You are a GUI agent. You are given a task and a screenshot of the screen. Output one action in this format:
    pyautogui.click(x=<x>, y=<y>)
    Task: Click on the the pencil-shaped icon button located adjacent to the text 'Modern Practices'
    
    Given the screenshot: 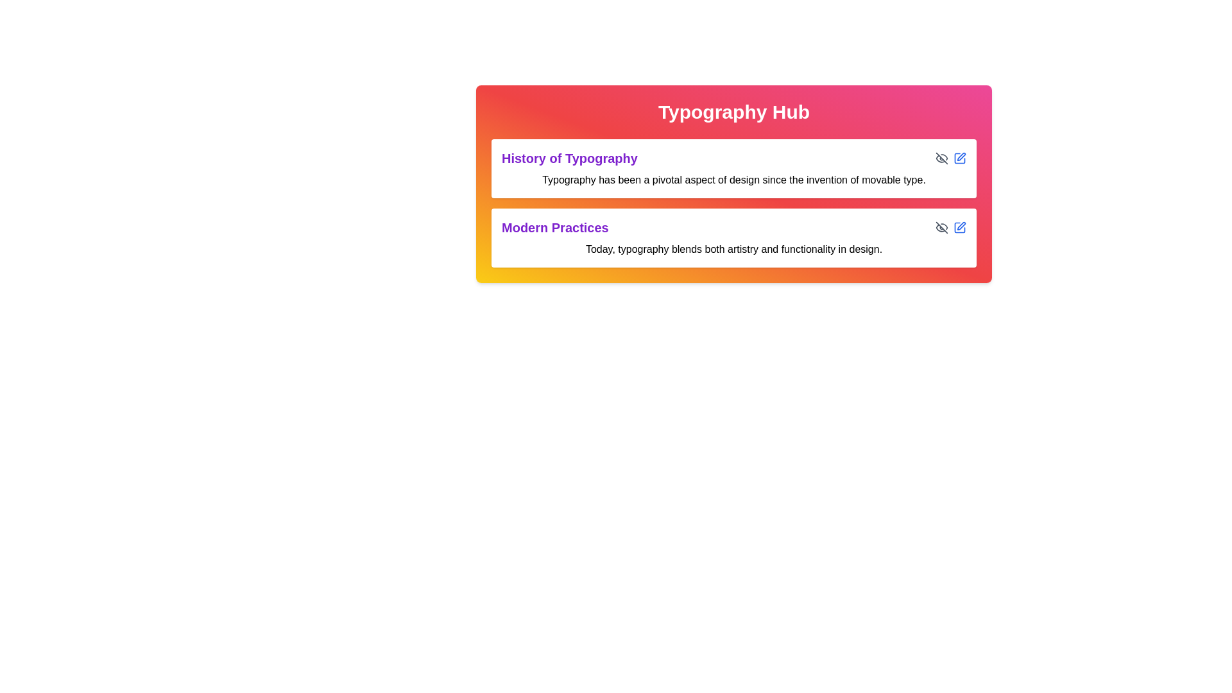 What is the action you would take?
    pyautogui.click(x=961, y=225)
    